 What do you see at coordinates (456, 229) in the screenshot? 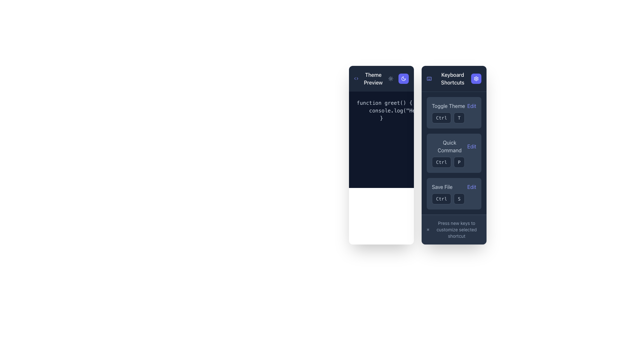
I see `the text label that says 'Press new keys to customize selected shortcut', which is located at the bottom of the 'Keyboard Shortcuts' interface panel` at bounding box center [456, 229].